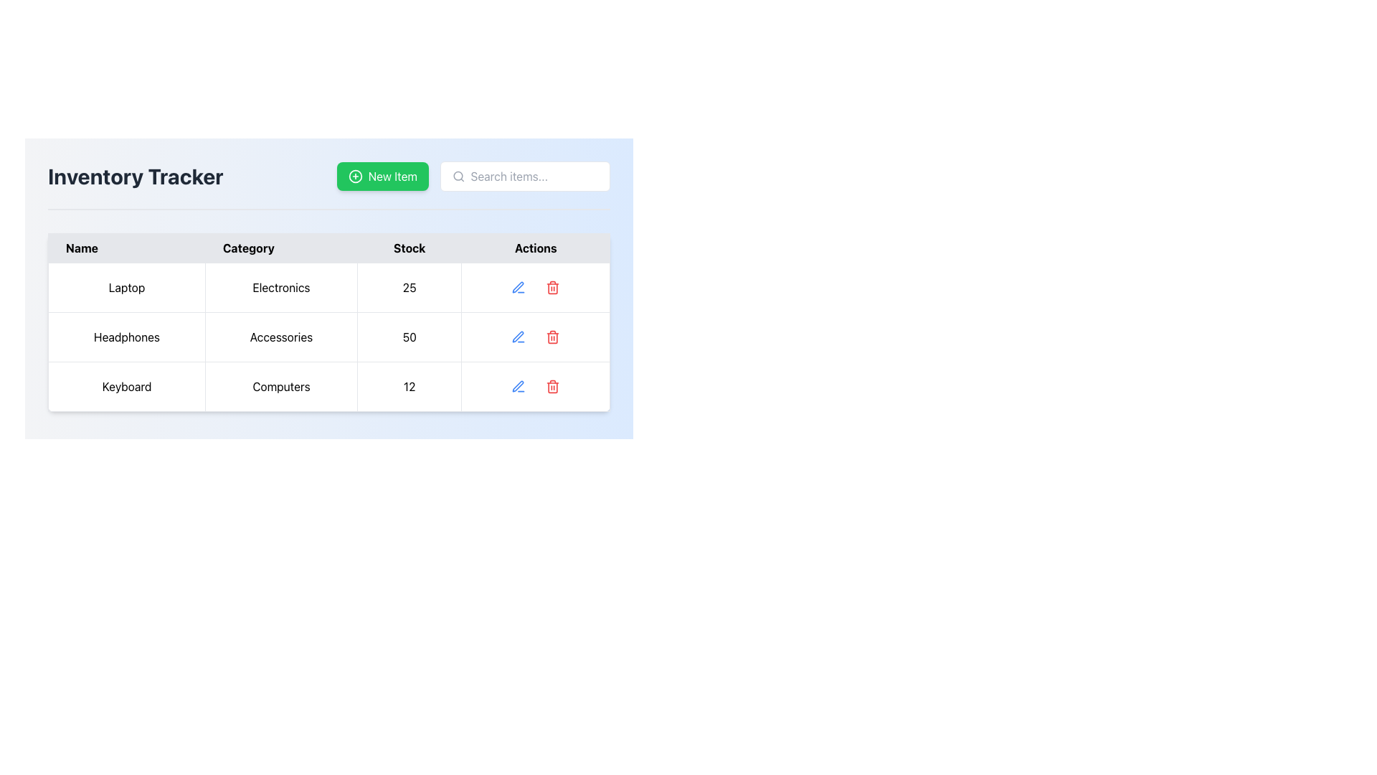 This screenshot has width=1377, height=775. What do you see at coordinates (281, 386) in the screenshot?
I see `the static text field displaying the category 'Keyboard' in the second column of the third row of the table` at bounding box center [281, 386].